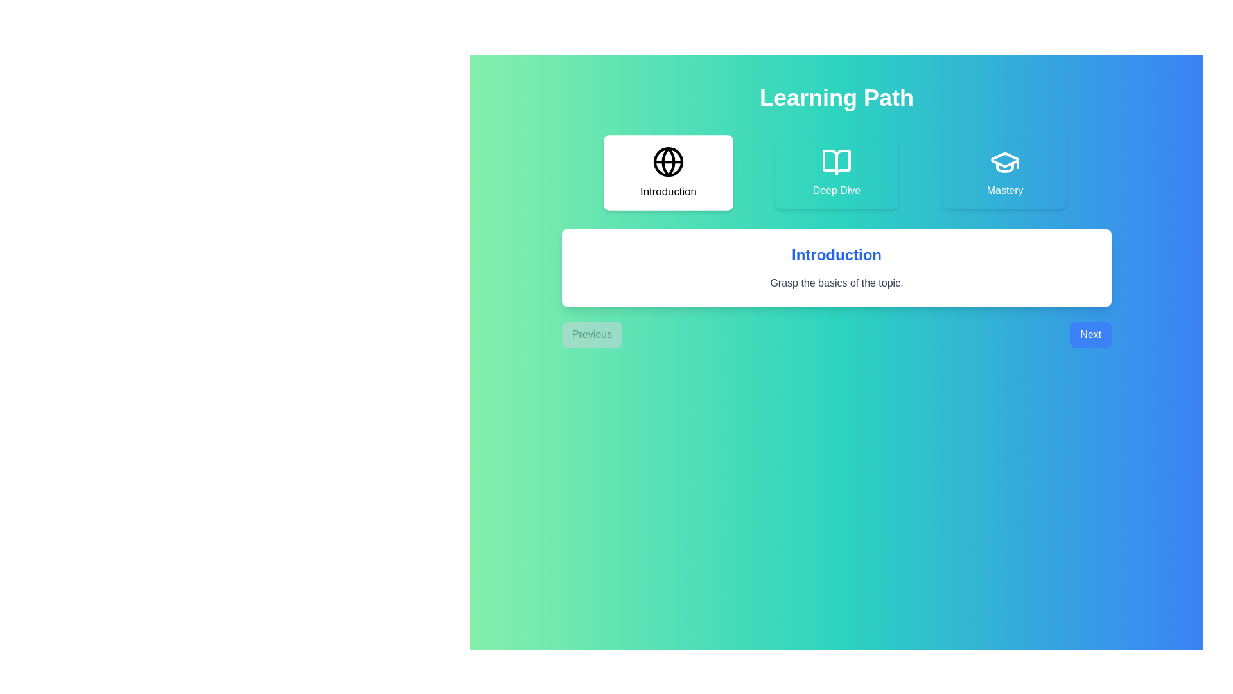  Describe the element at coordinates (836, 172) in the screenshot. I see `the stage header labeled 'Deep Dive' to navigate to that stage` at that location.